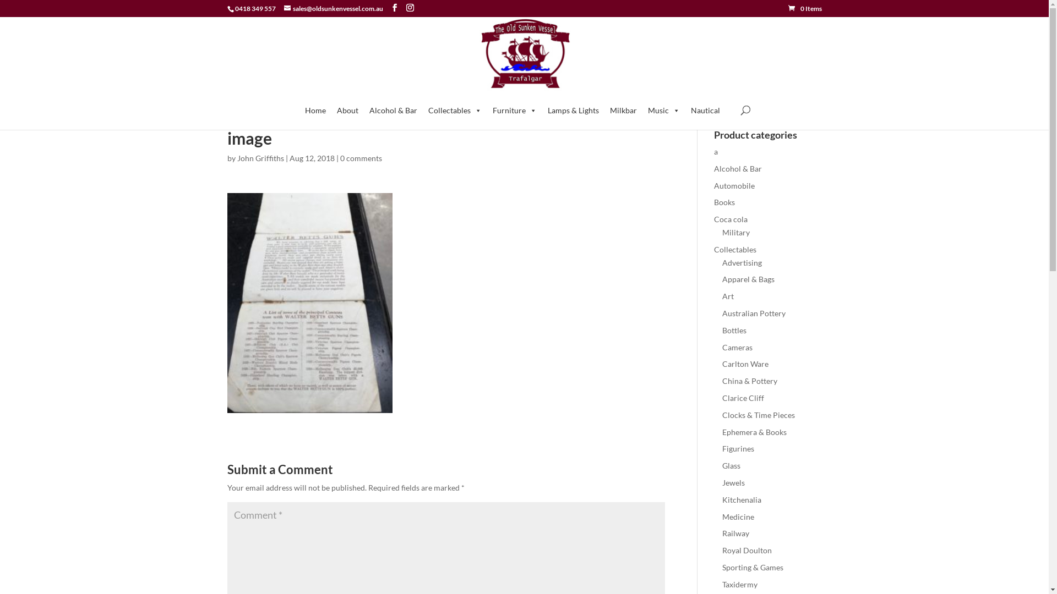  I want to click on 'Cameras', so click(722, 347).